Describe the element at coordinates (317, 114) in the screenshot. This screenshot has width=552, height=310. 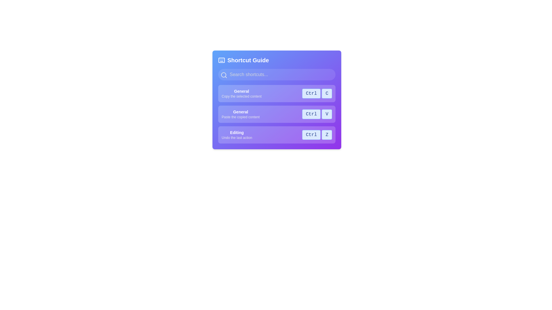
I see `the Composite Text Display element that represents the keyboard shortcut 'Ctrl' and 'V', located next to the text 'Paste the copied content'` at that location.